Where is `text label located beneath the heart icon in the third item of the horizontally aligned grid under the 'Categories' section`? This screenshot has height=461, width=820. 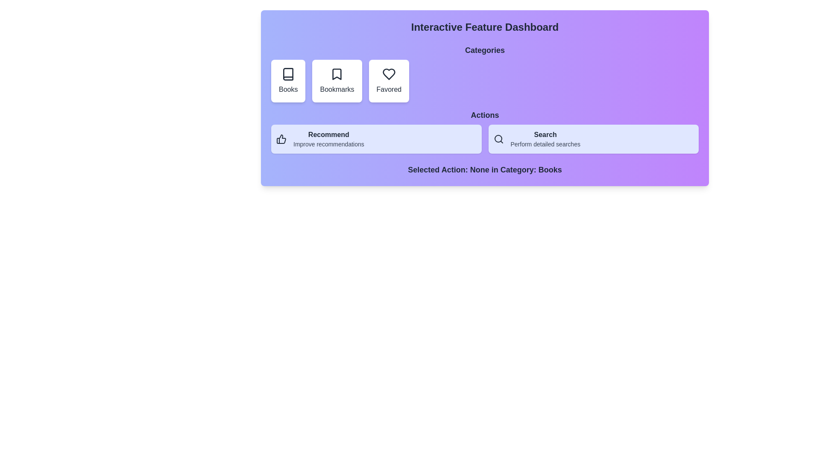 text label located beneath the heart icon in the third item of the horizontally aligned grid under the 'Categories' section is located at coordinates (388, 89).